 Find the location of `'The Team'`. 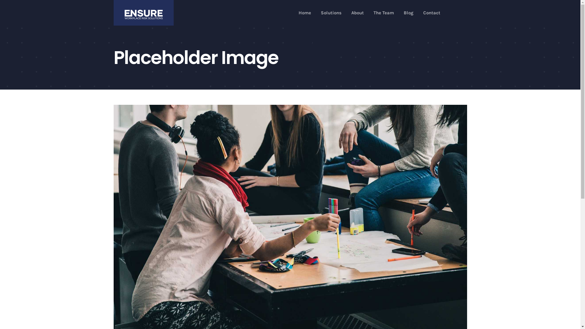

'The Team' is located at coordinates (383, 13).